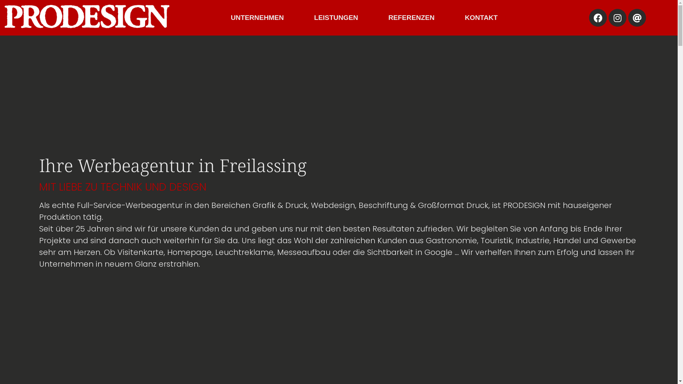 The height and width of the screenshot is (384, 683). What do you see at coordinates (457, 17) in the screenshot?
I see `'KONTAKT'` at bounding box center [457, 17].